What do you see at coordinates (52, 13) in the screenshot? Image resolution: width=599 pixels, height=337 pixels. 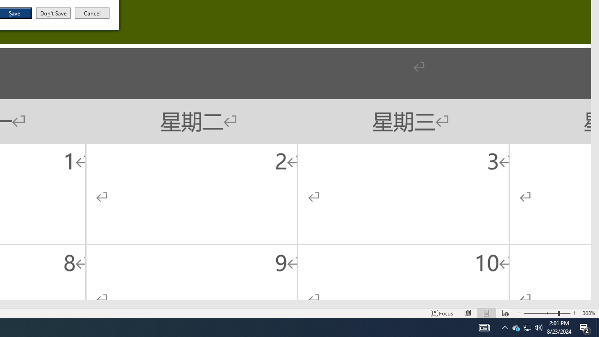 I see `'Don'` at bounding box center [52, 13].